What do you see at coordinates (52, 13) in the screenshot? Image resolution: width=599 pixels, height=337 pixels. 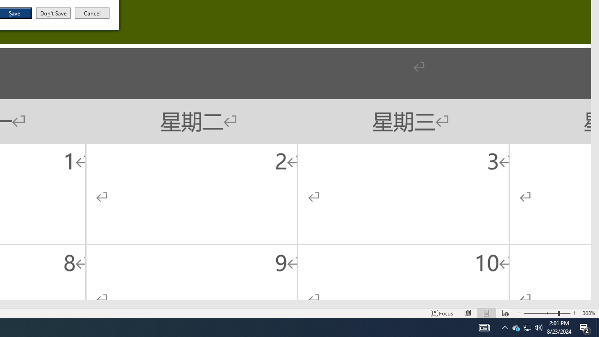 I see `'Don'` at bounding box center [52, 13].